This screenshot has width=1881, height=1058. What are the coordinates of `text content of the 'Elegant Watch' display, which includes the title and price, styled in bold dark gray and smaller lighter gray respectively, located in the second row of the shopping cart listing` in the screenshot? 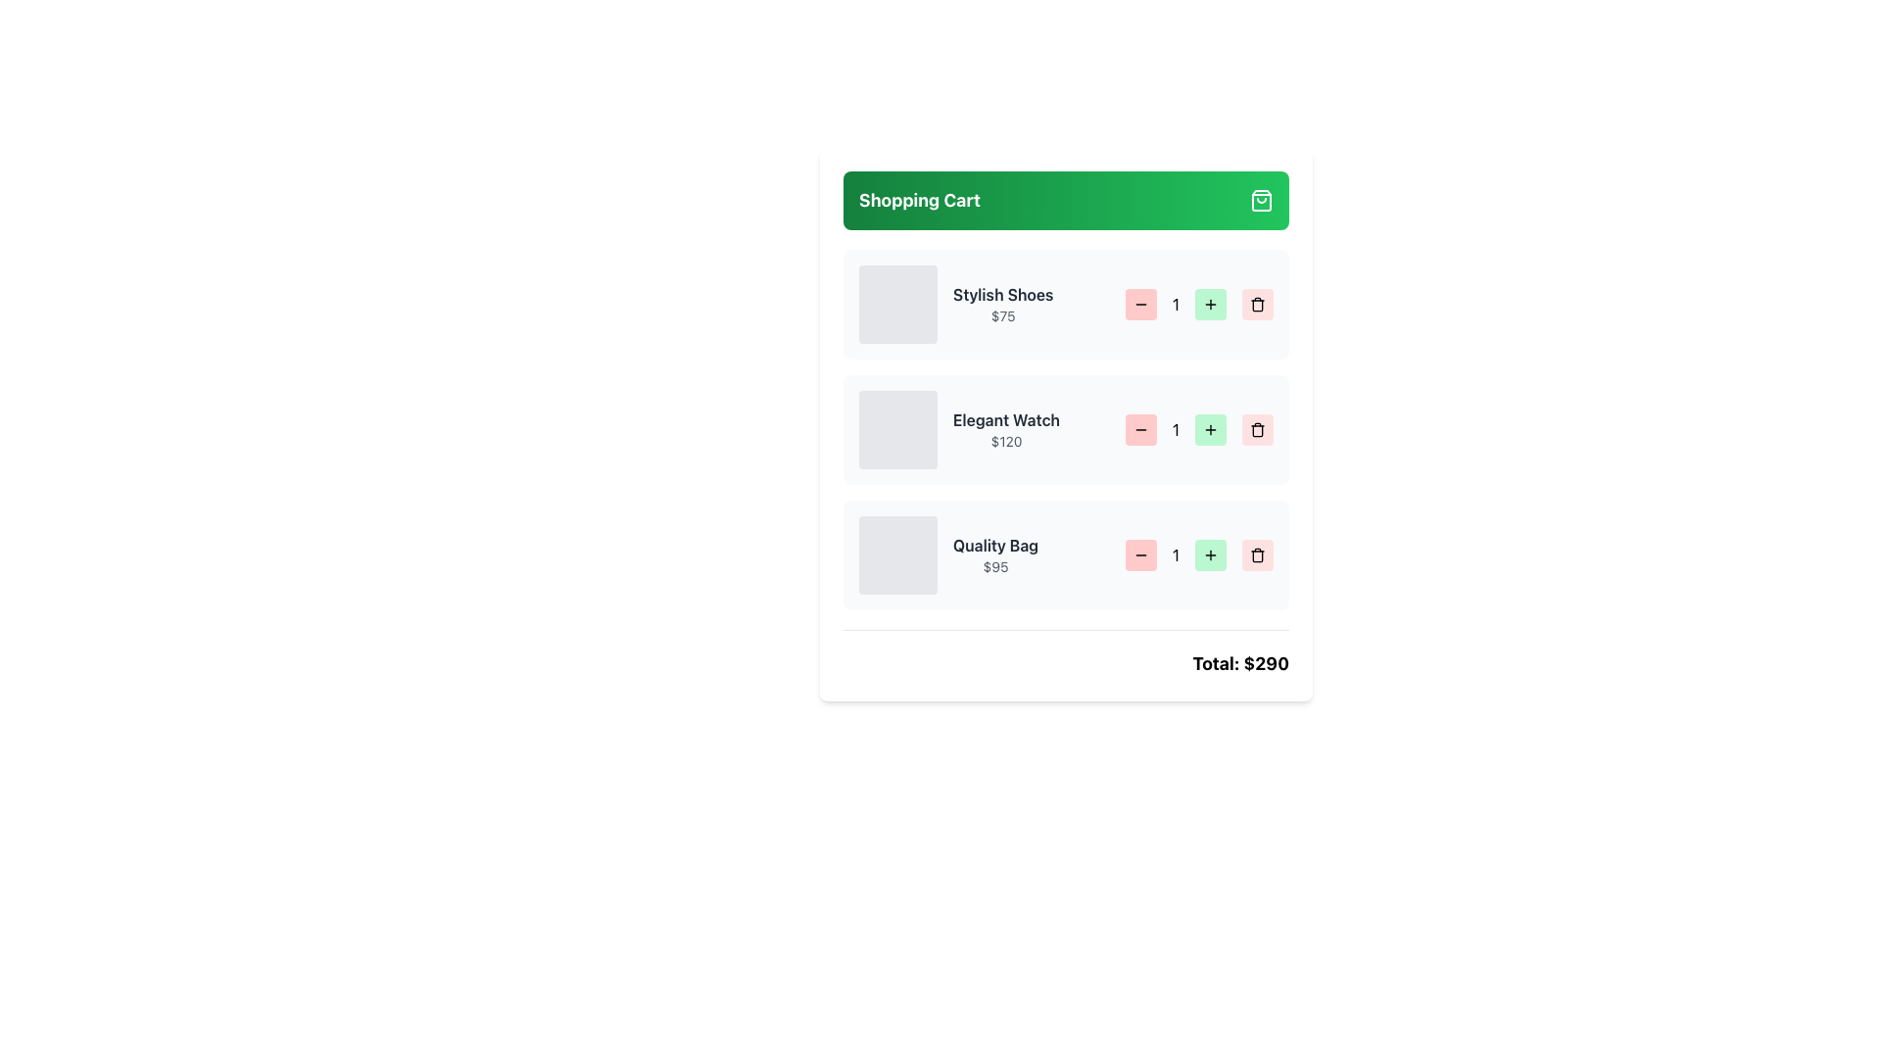 It's located at (959, 429).